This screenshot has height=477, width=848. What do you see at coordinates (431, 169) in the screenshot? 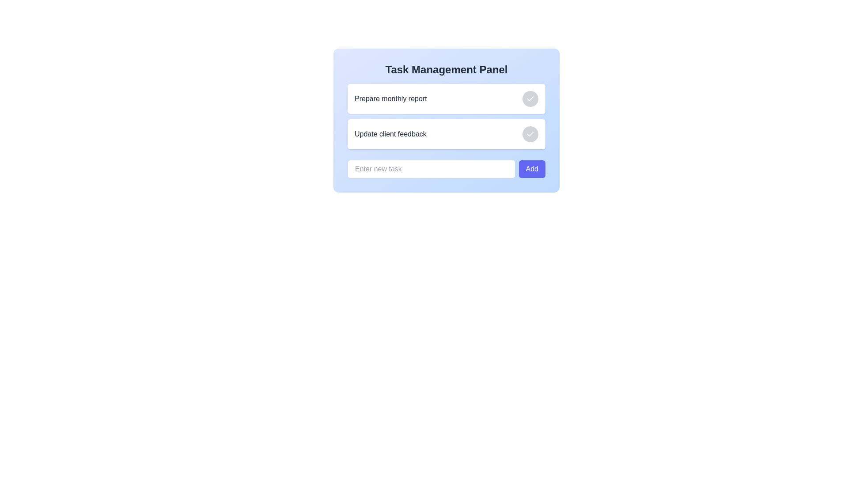
I see `the rectangular input box with a light gray border and placeholder text 'Enter new task' to receive input` at bounding box center [431, 169].